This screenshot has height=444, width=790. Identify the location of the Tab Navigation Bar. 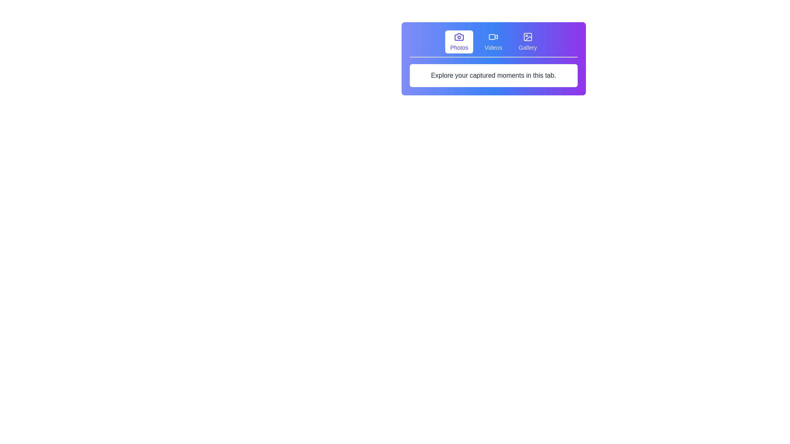
(493, 44).